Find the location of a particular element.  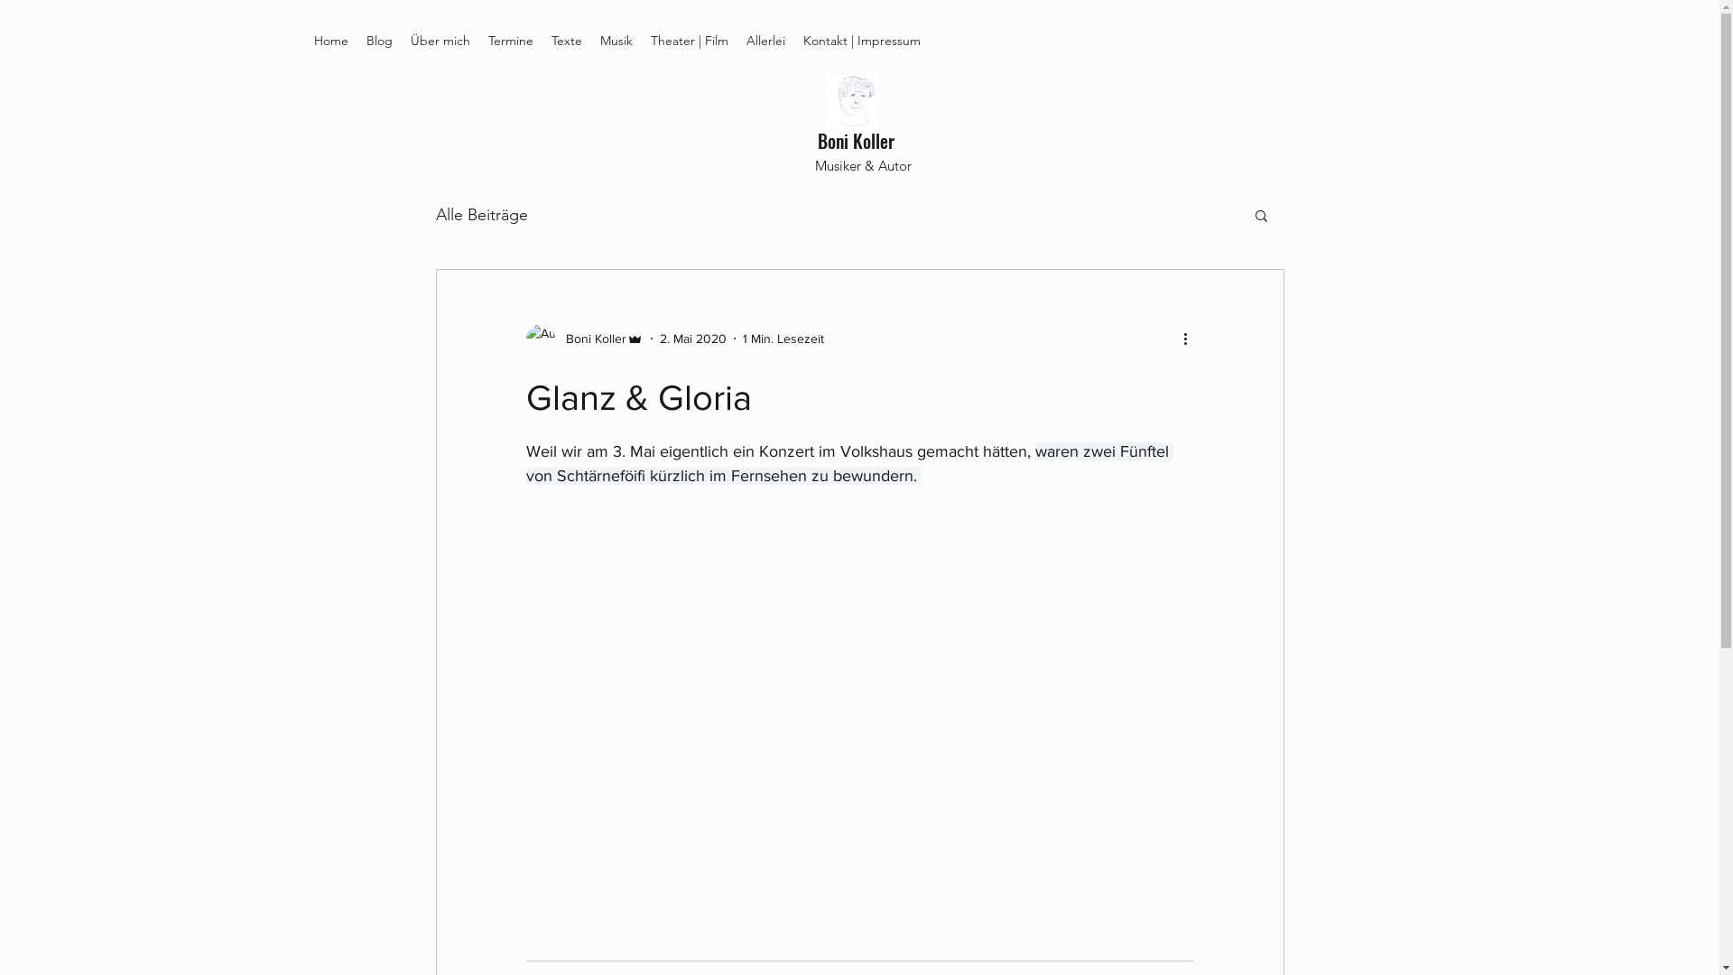

'Termine' is located at coordinates (510, 41).